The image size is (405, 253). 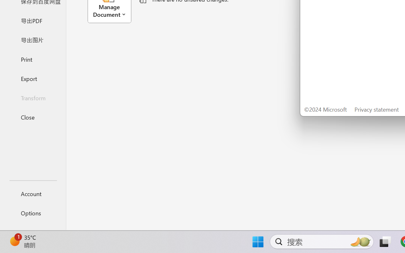 What do you see at coordinates (33, 78) in the screenshot?
I see `'Export'` at bounding box center [33, 78].